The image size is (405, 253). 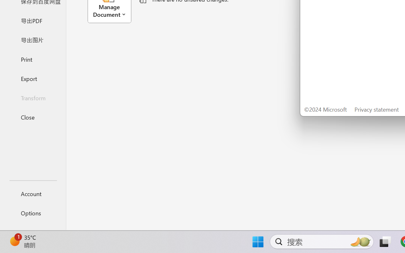 What do you see at coordinates (33, 78) in the screenshot?
I see `'Export'` at bounding box center [33, 78].